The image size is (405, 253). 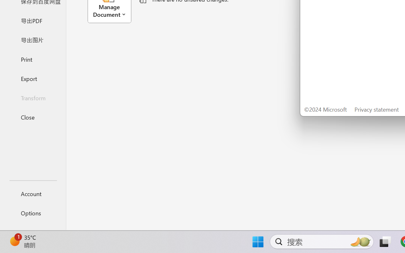 What do you see at coordinates (33, 78) in the screenshot?
I see `'Export'` at bounding box center [33, 78].